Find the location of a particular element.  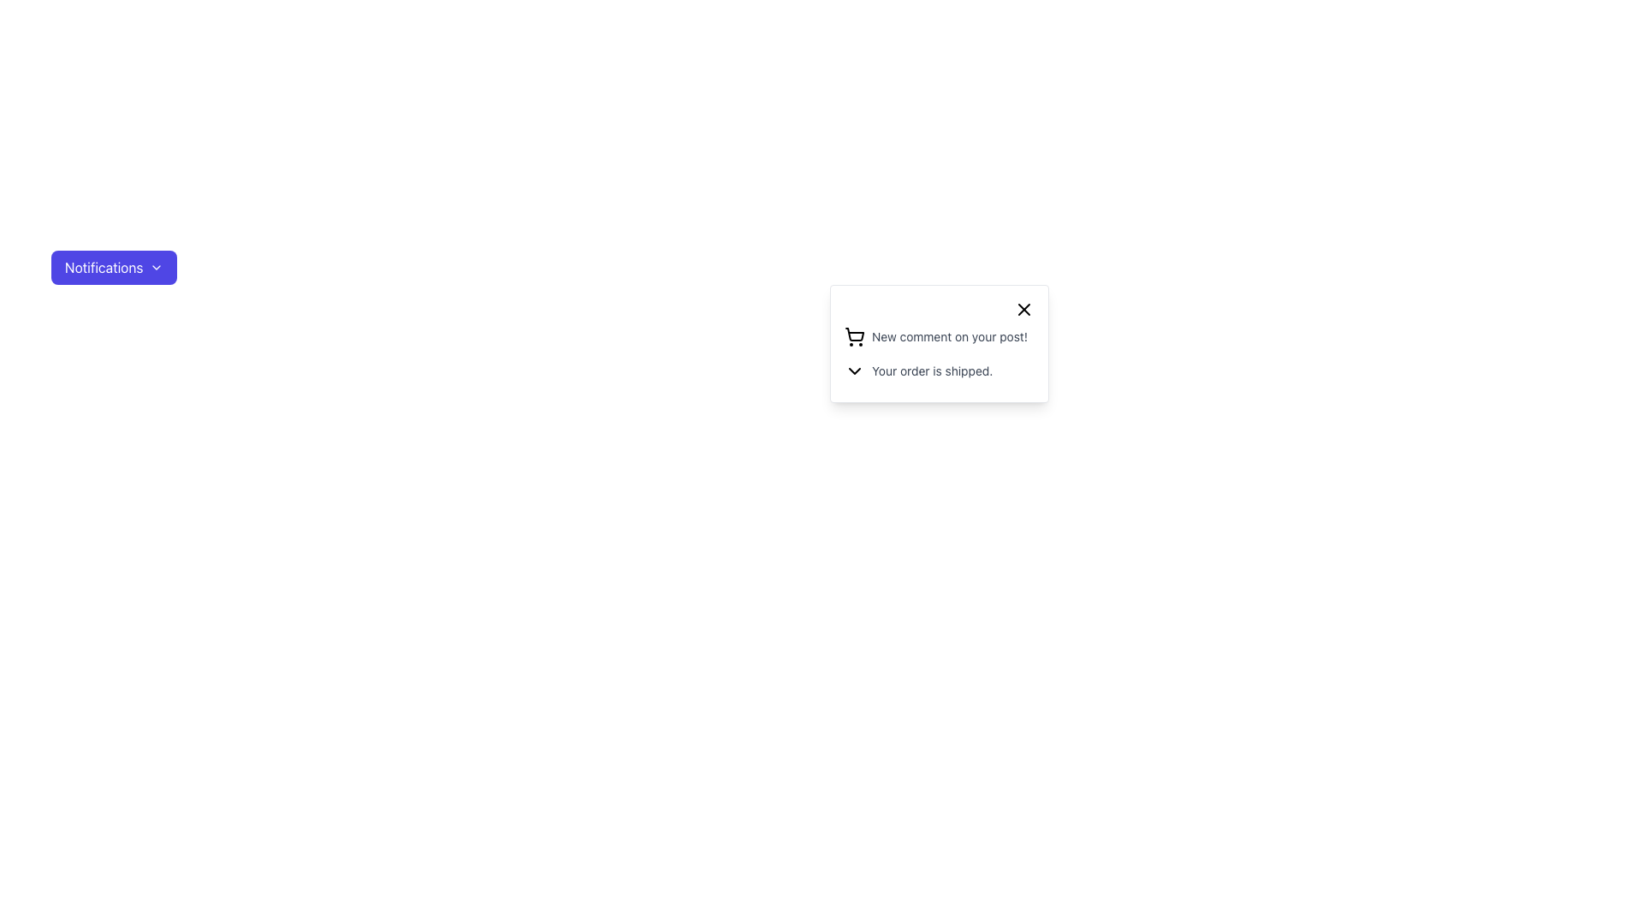

the text element displaying 'Your order is shipped.' in a notification dropdown is located at coordinates (931, 370).